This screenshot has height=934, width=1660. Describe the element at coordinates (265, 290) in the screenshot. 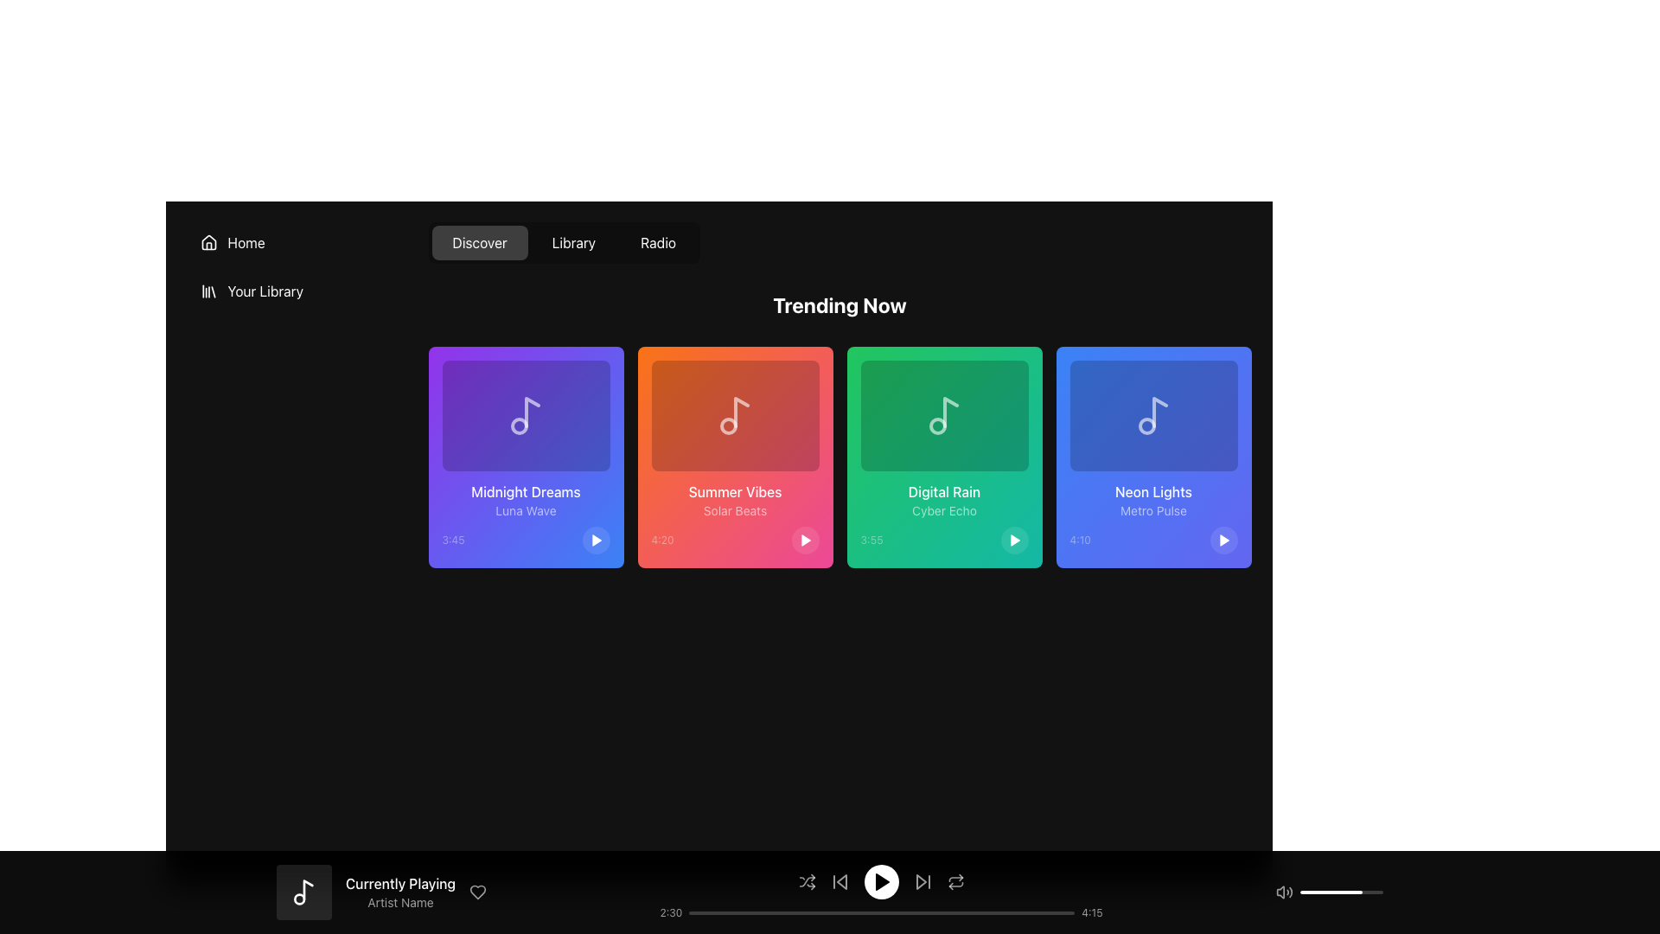

I see `the 'Your Library' text label located in the navigation panel, directly below the 'Home' option and to the right of the bookshelf icon` at that location.